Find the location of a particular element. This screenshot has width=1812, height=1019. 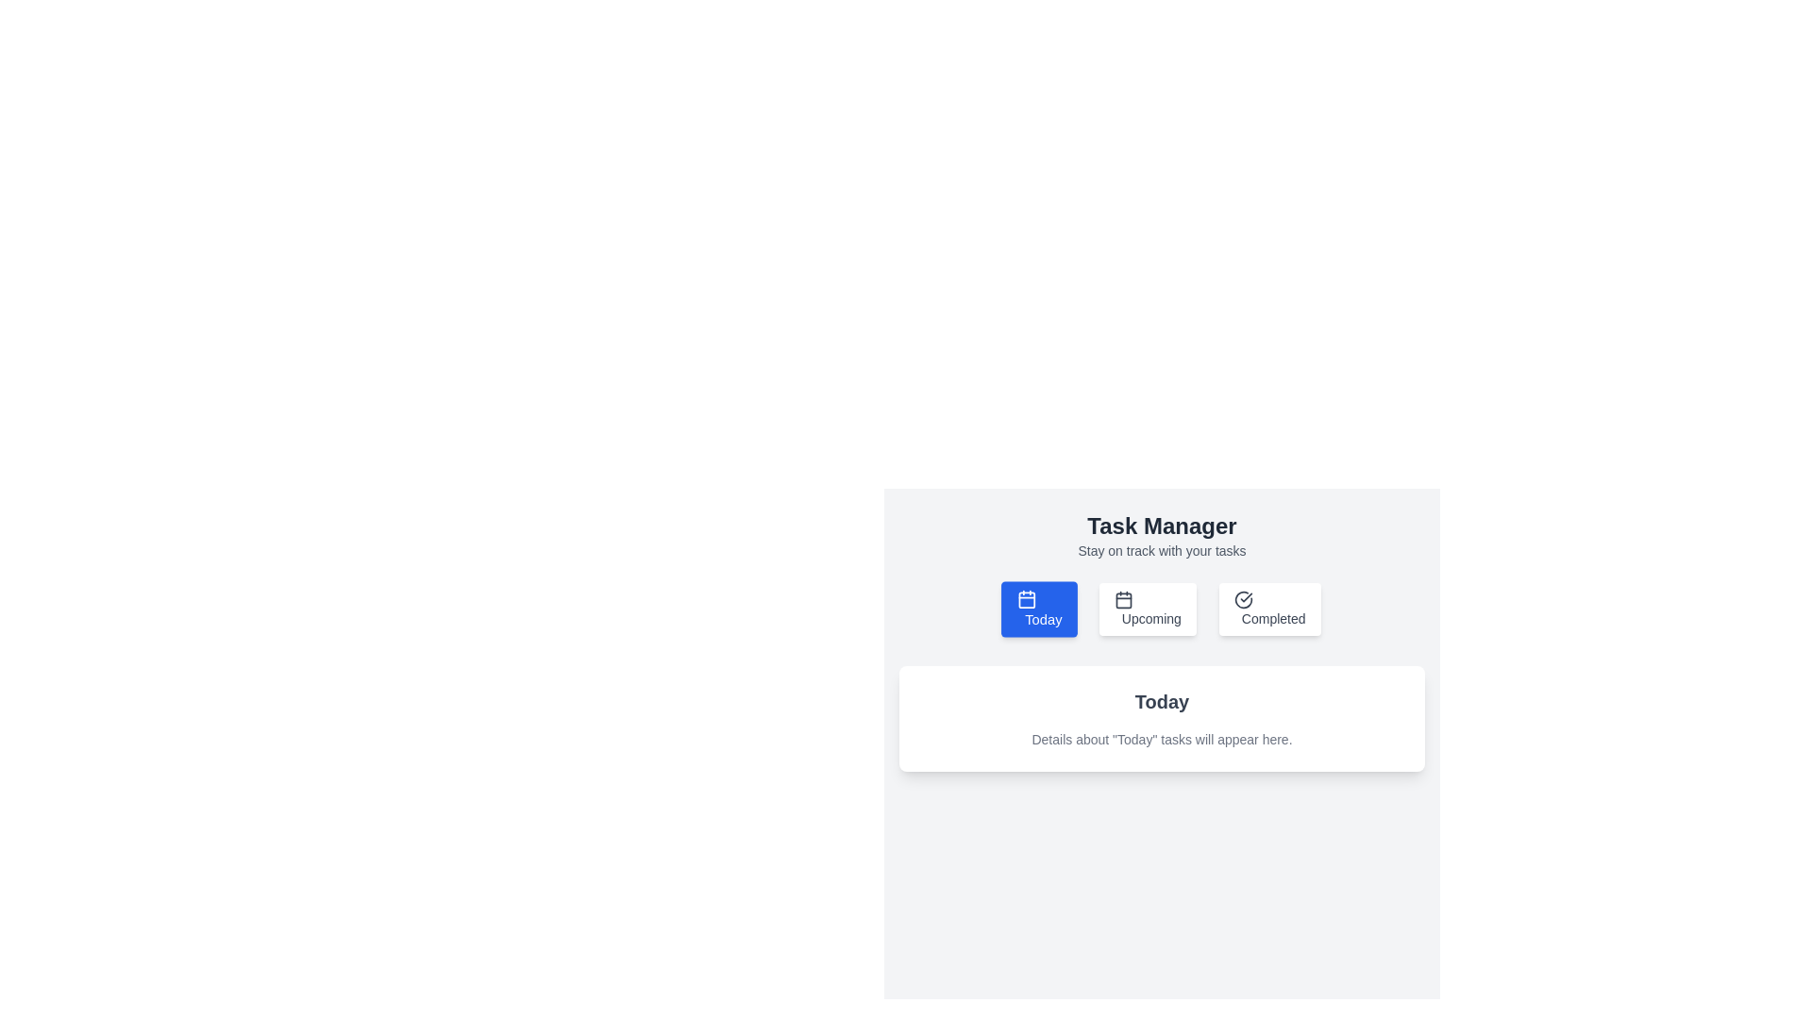

the 'Today' text label element, which is styled with a bold white font on a blue background and located inside the button labeled 'Today' in the top-left section of the interface is located at coordinates (1043, 619).